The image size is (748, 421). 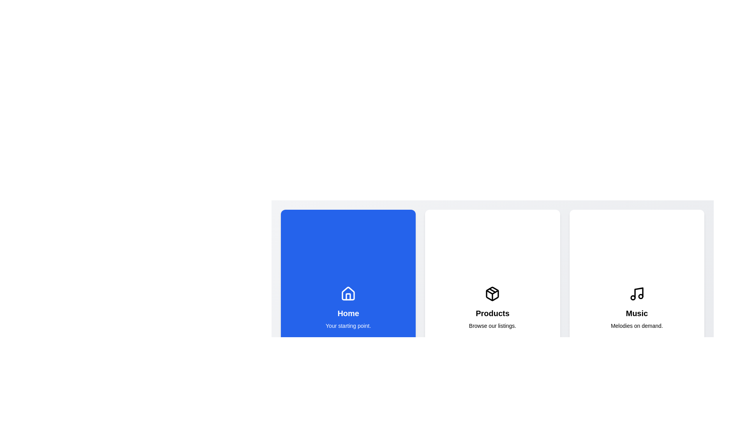 I want to click on the button corresponding to the music section, so click(x=636, y=308).